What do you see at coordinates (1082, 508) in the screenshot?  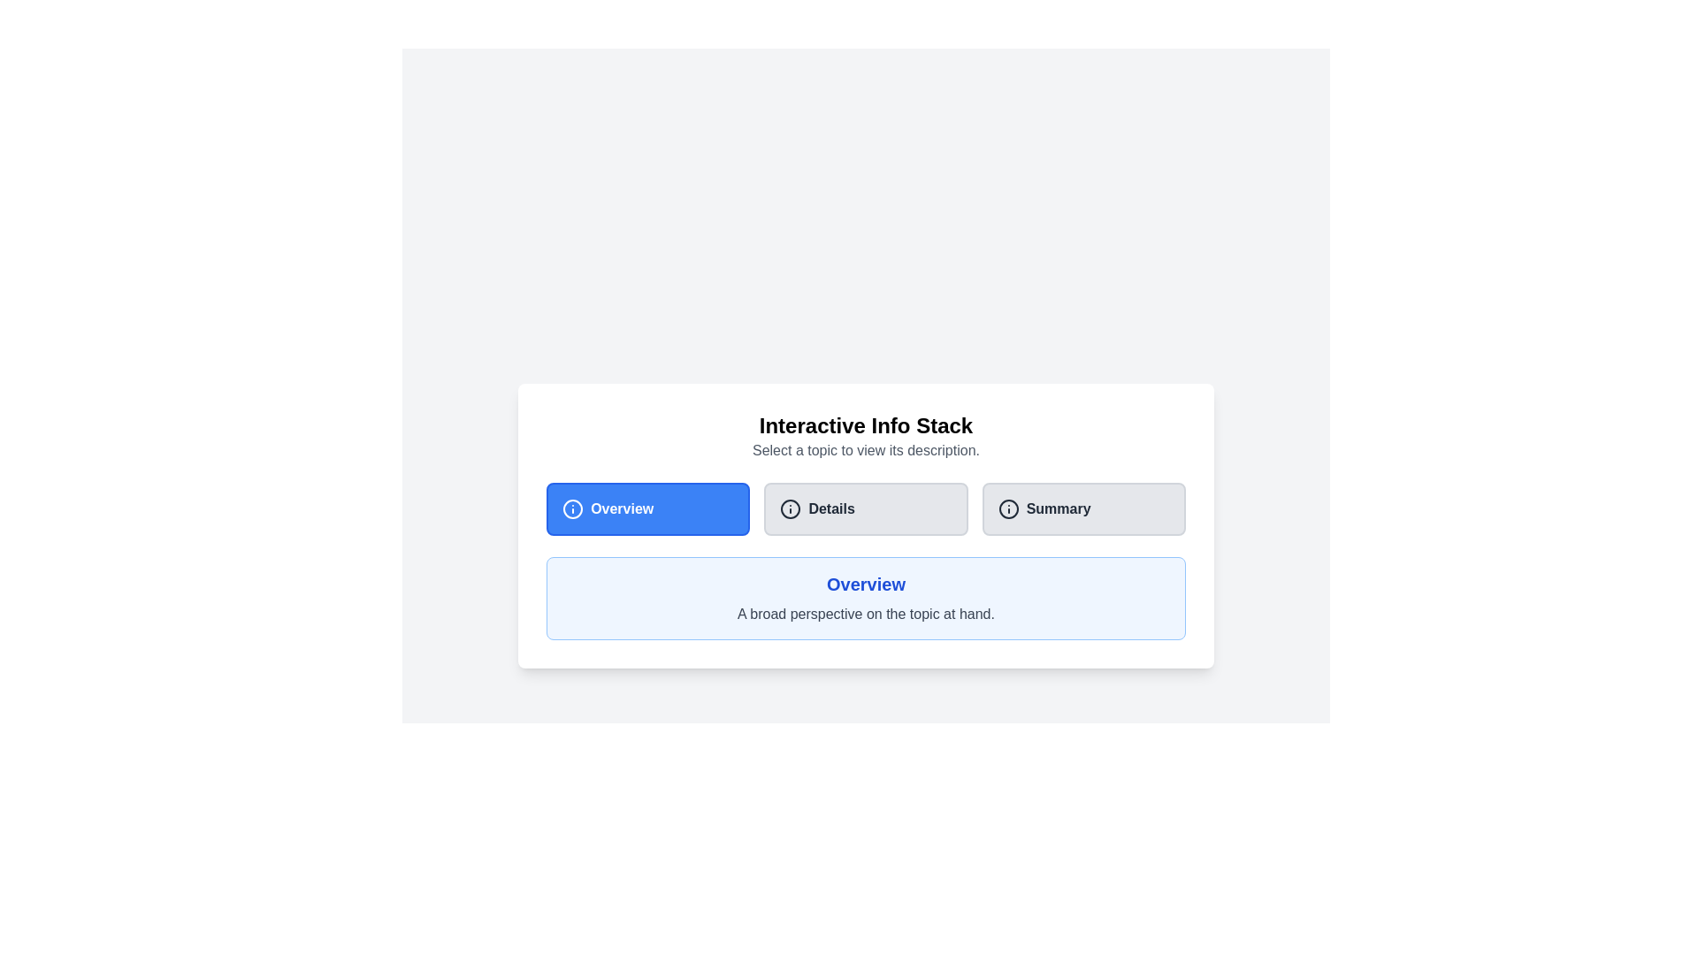 I see `the 'Summary' button, which is a rounded rectangular button with a light gray background and medium-gray text` at bounding box center [1082, 508].